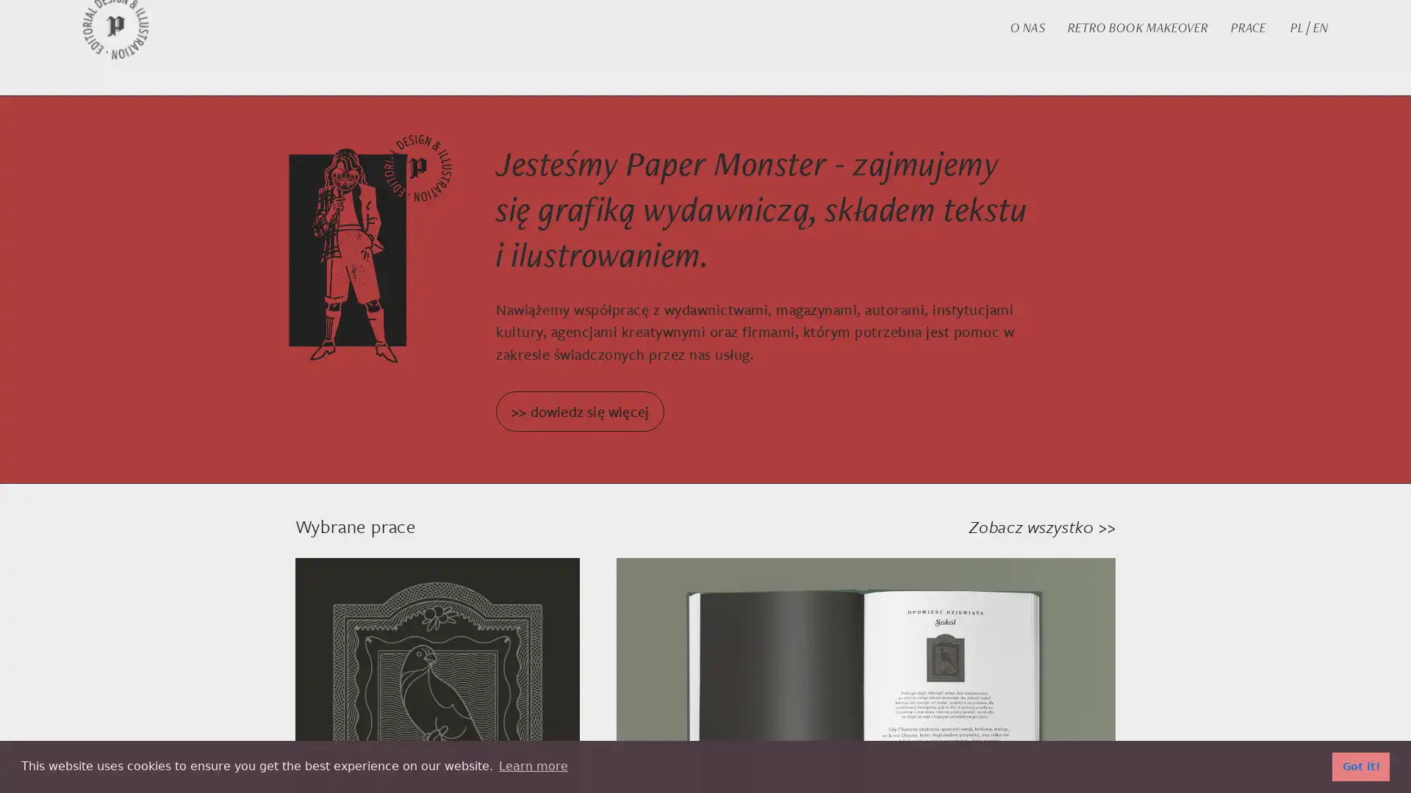 The width and height of the screenshot is (1411, 793). I want to click on dismiss cookie message, so click(1360, 766).